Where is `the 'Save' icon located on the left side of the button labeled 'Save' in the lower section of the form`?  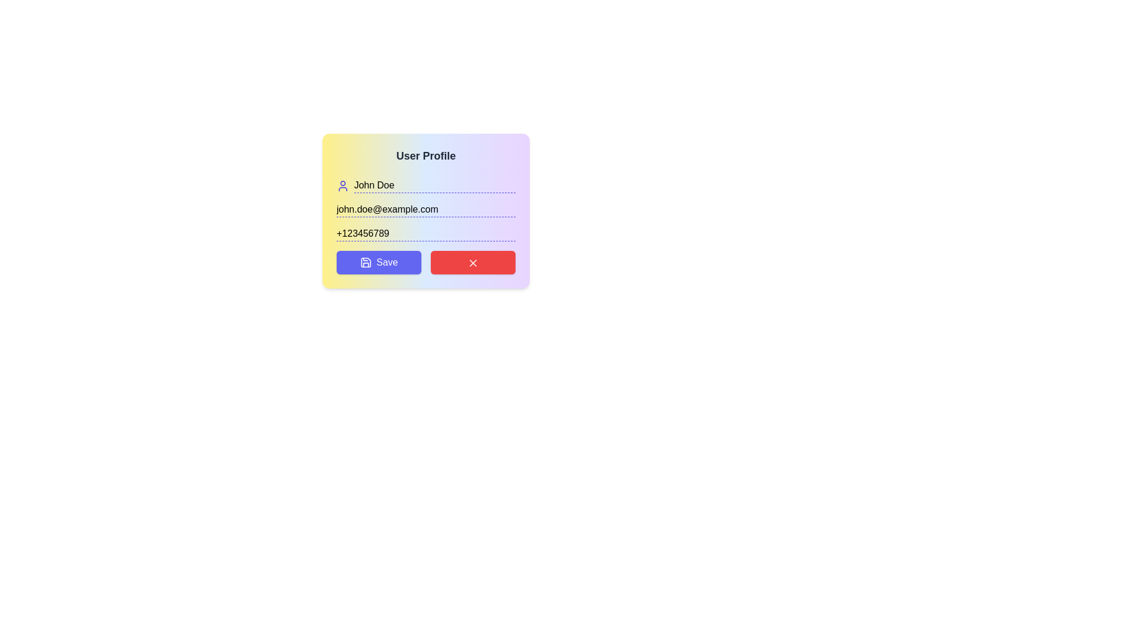 the 'Save' icon located on the left side of the button labeled 'Save' in the lower section of the form is located at coordinates (365, 262).